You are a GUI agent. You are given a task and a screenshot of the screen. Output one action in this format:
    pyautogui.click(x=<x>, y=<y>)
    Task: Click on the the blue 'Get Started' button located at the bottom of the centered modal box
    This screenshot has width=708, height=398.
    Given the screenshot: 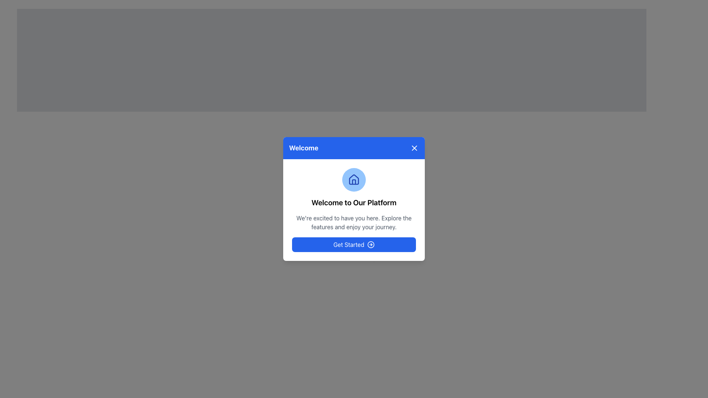 What is the action you would take?
    pyautogui.click(x=354, y=244)
    